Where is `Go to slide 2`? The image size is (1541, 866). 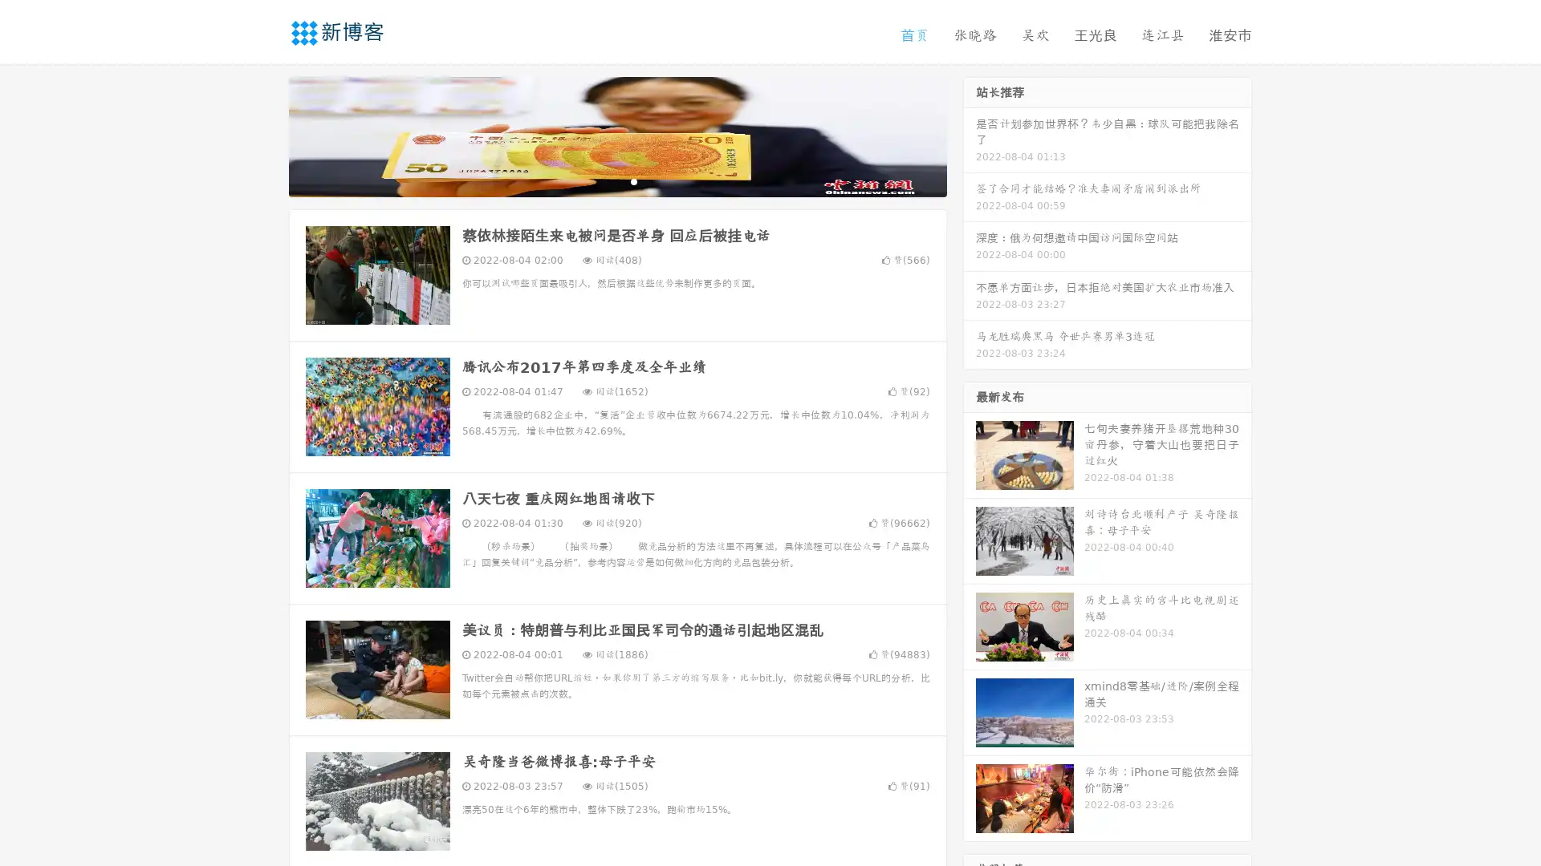
Go to slide 2 is located at coordinates (616, 180).